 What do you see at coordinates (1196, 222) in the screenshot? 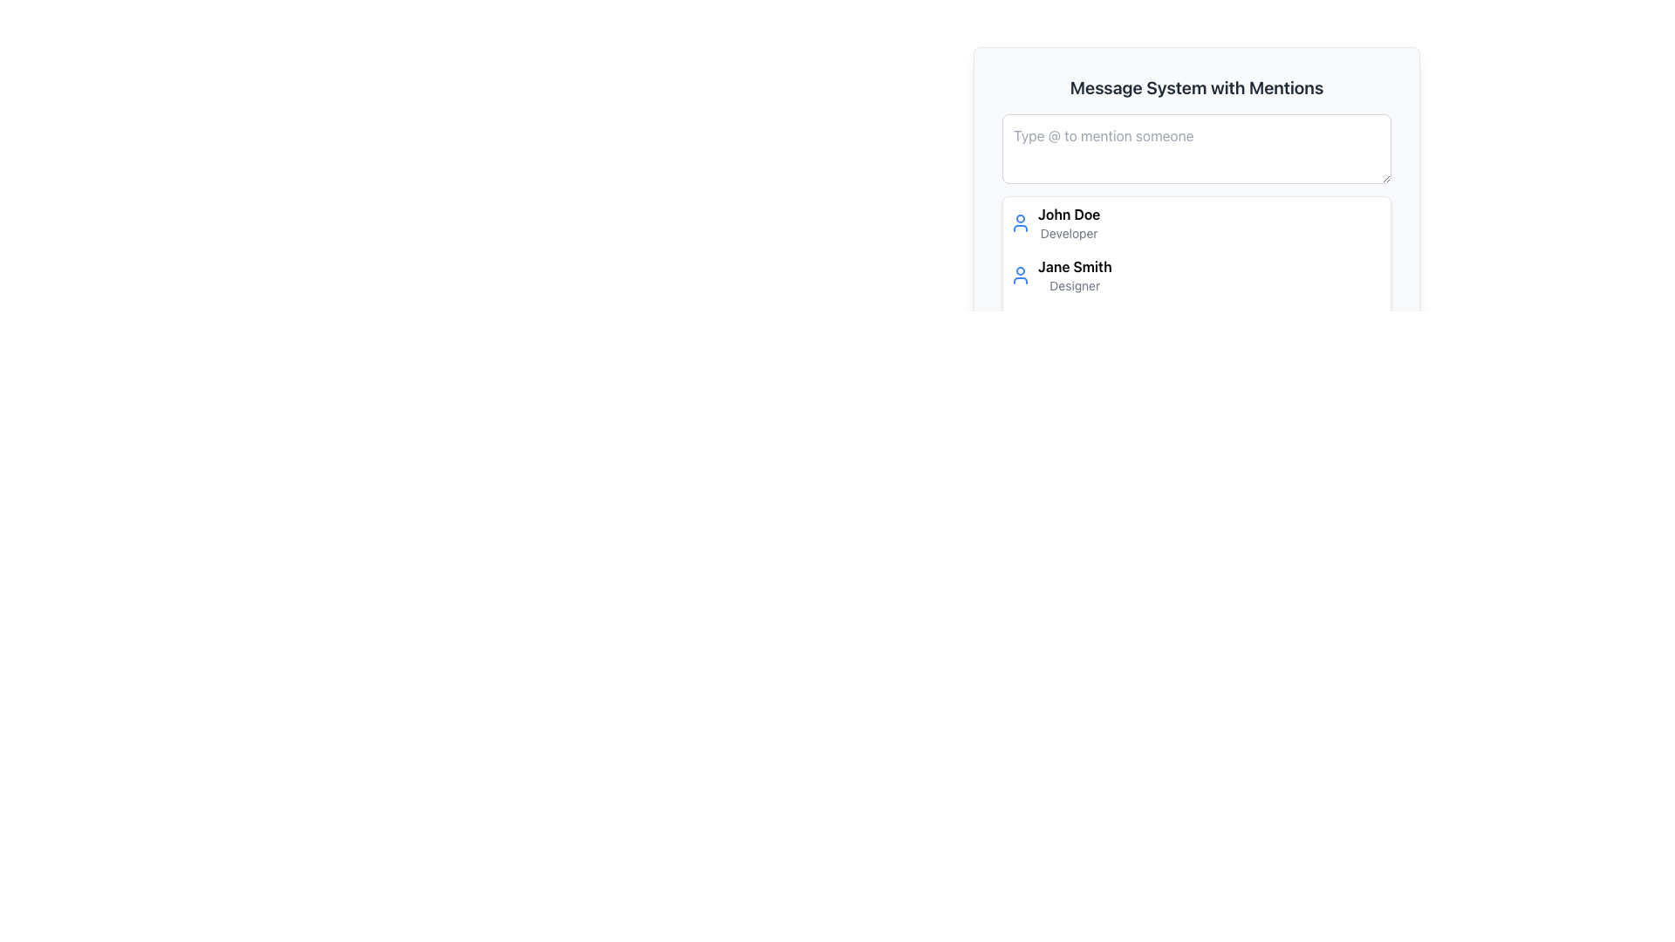
I see `the first user entry in the selection menu located below the search bar` at bounding box center [1196, 222].